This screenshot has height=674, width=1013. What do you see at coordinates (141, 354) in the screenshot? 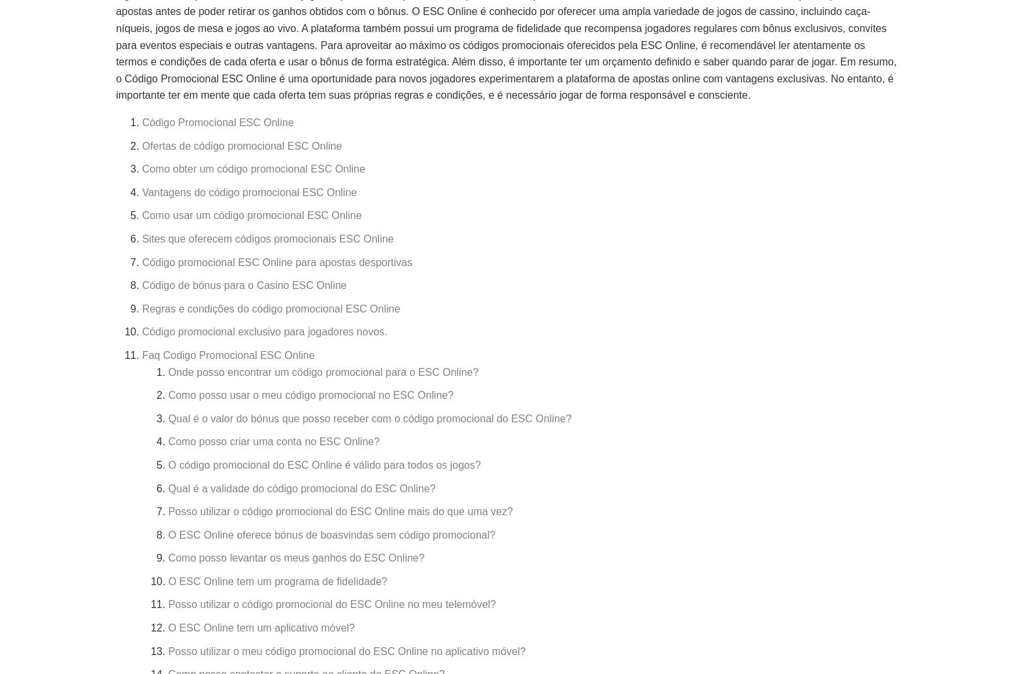
I see `'Faq Codigo Promocional ESC Online'` at bounding box center [141, 354].